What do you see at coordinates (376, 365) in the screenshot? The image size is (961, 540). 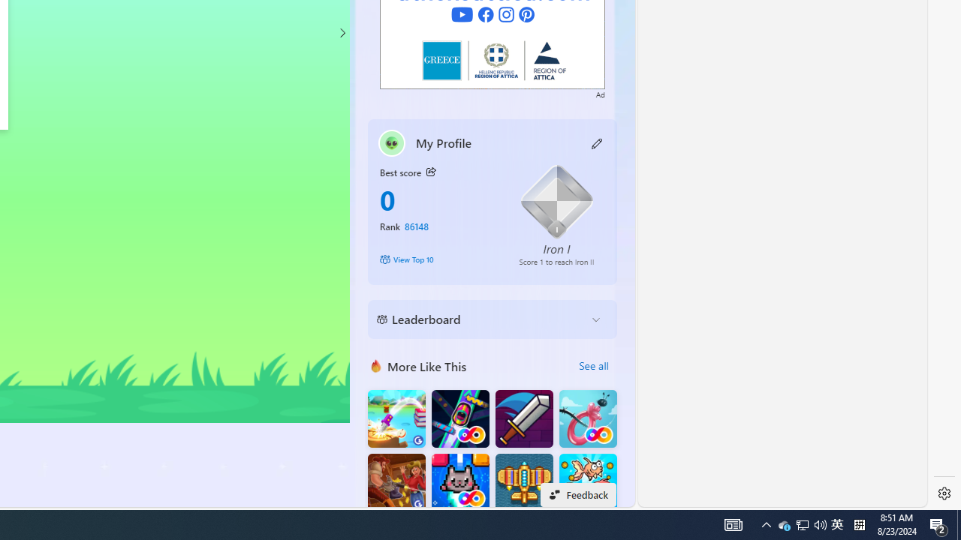 I see `'More Like This'` at bounding box center [376, 365].